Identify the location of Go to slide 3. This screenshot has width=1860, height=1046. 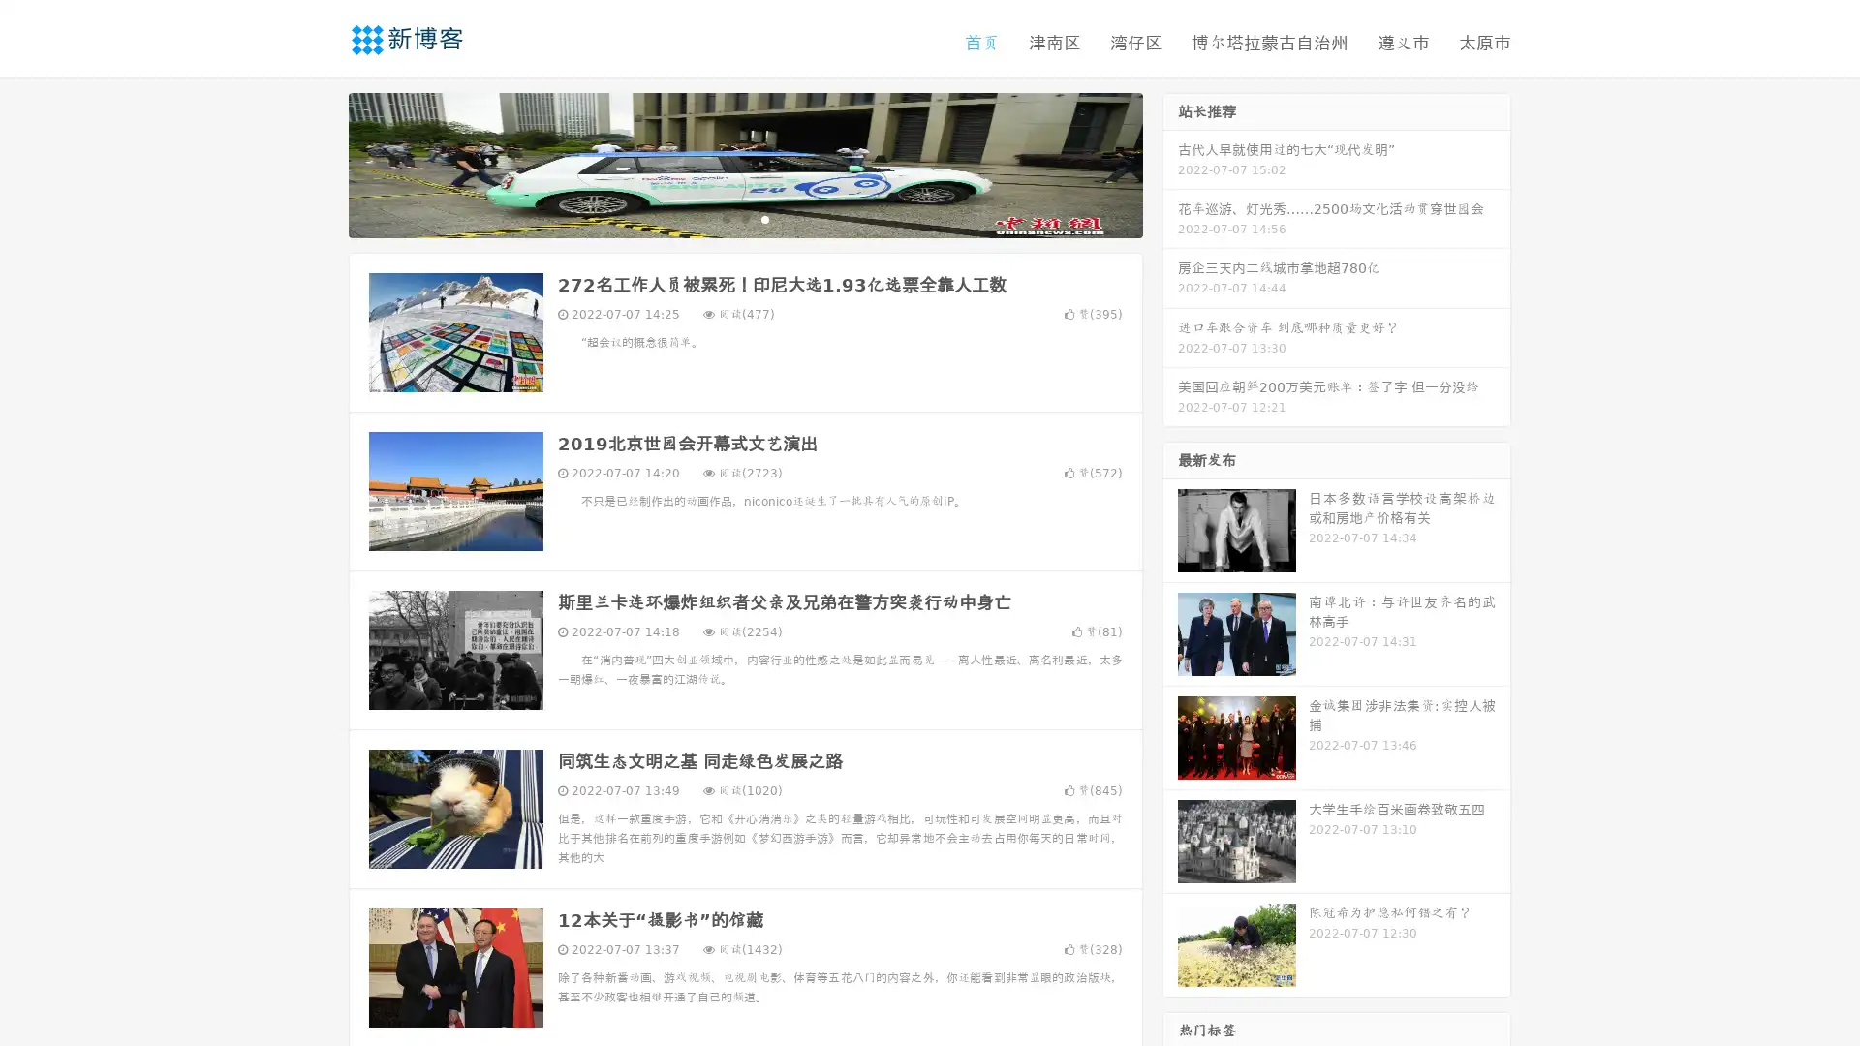
(764, 218).